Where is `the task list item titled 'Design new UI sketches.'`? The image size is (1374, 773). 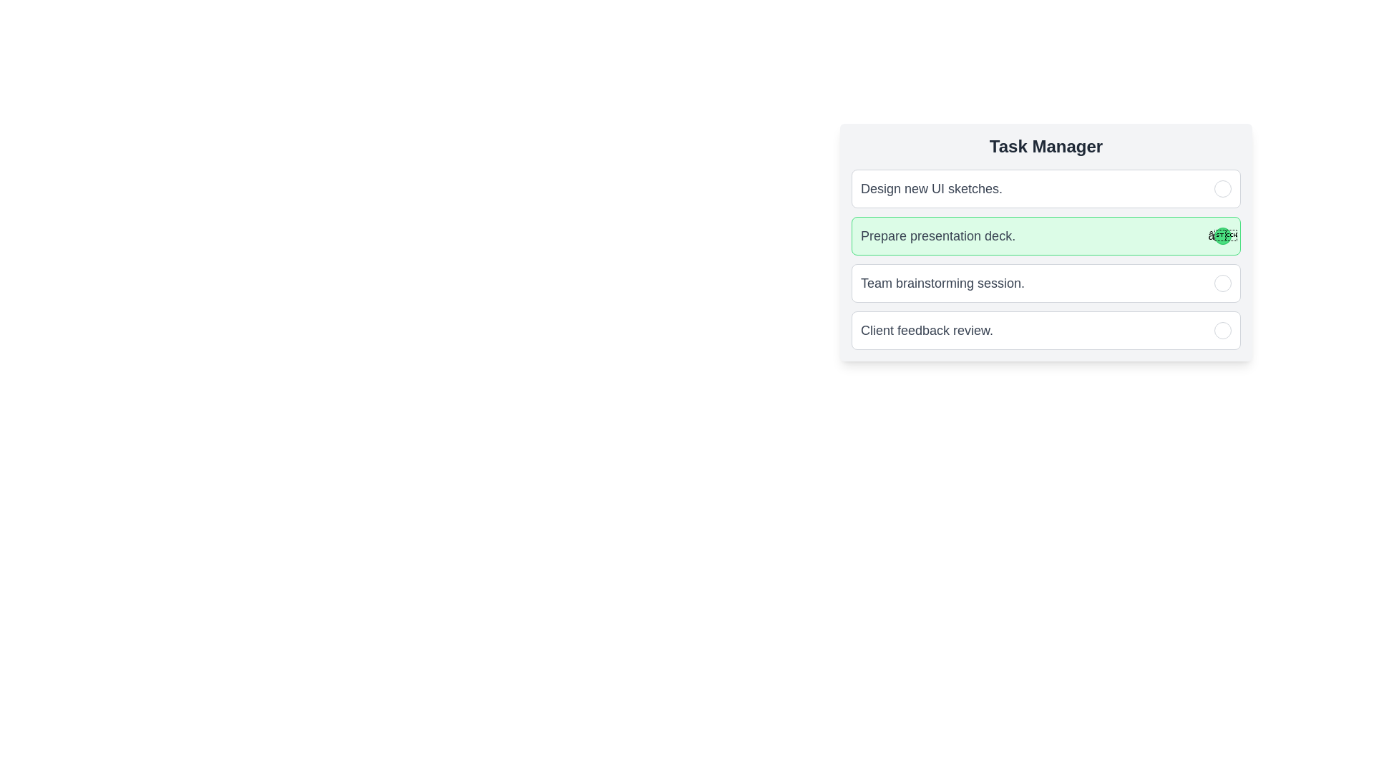 the task list item titled 'Design new UI sketches.' is located at coordinates (1046, 188).